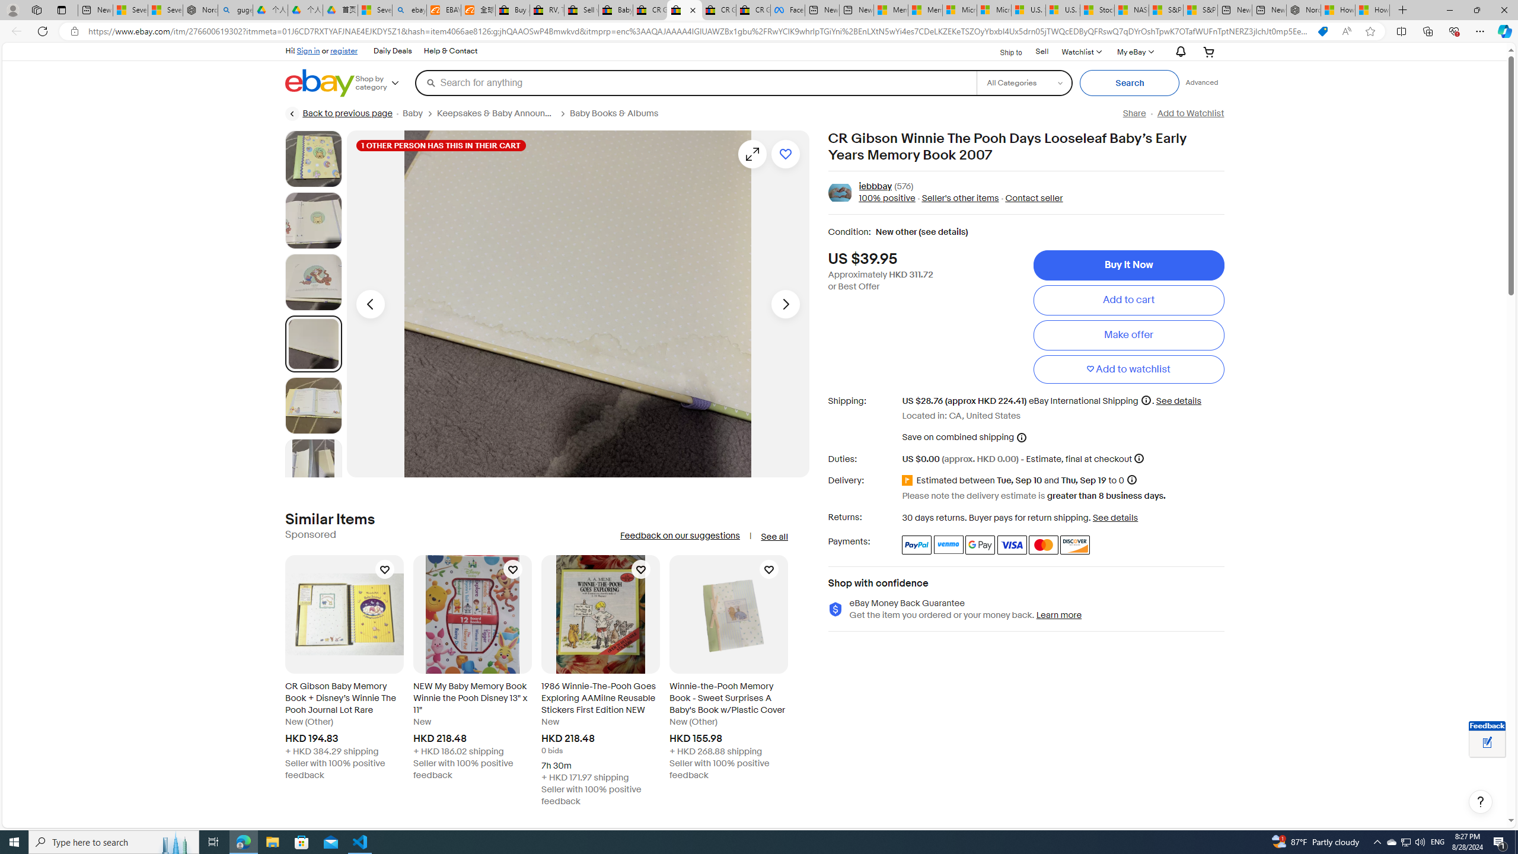 The image size is (1518, 854). Describe the element at coordinates (694, 82) in the screenshot. I see `'Search for anything'` at that location.